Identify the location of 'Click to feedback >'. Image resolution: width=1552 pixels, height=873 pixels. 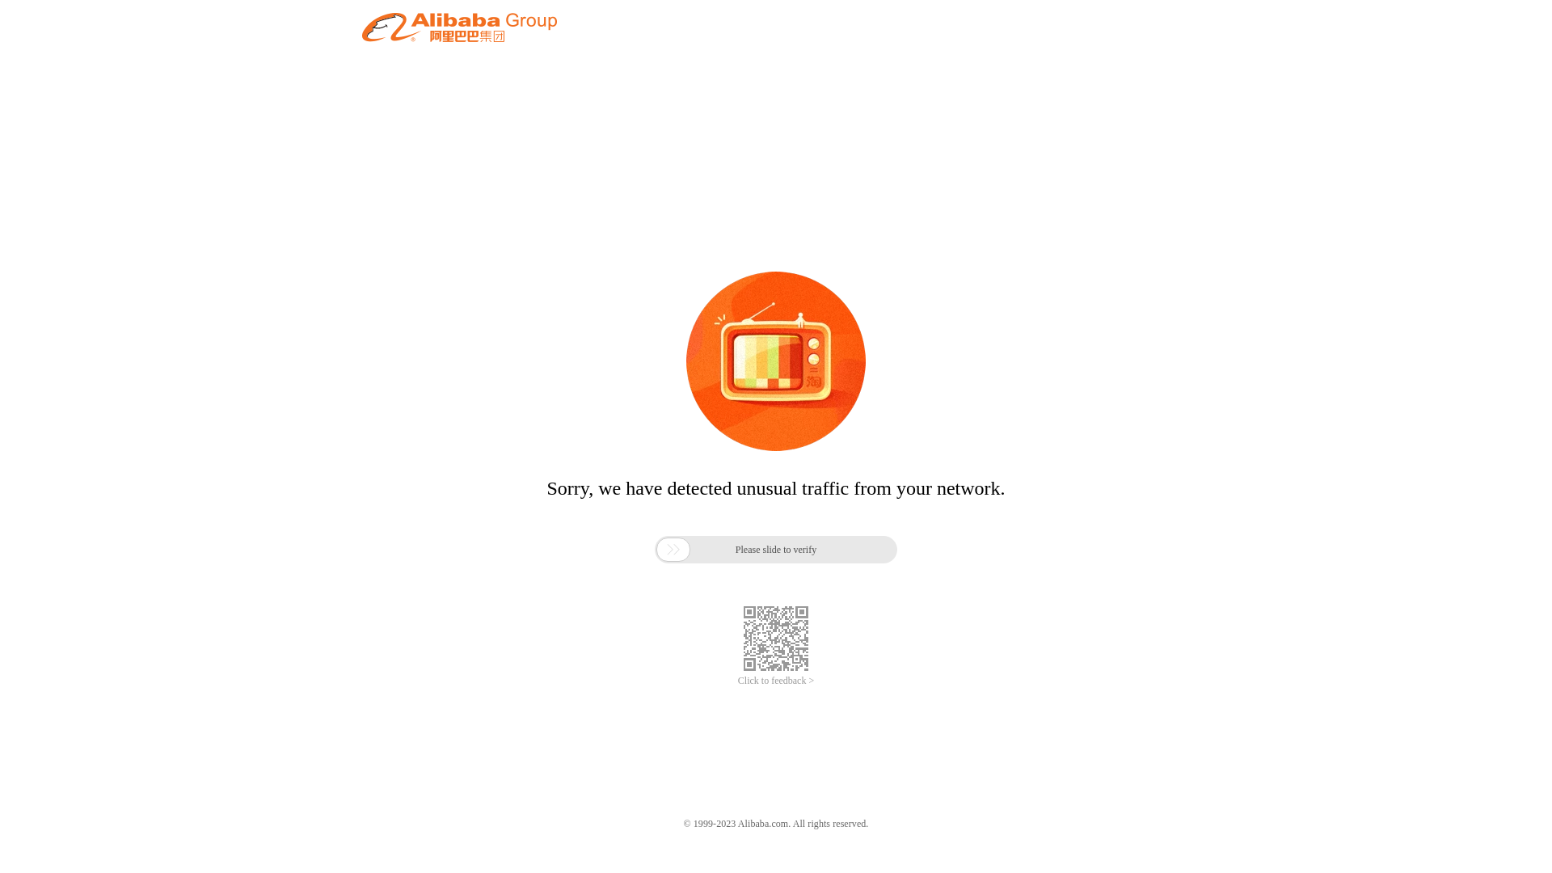
(776, 681).